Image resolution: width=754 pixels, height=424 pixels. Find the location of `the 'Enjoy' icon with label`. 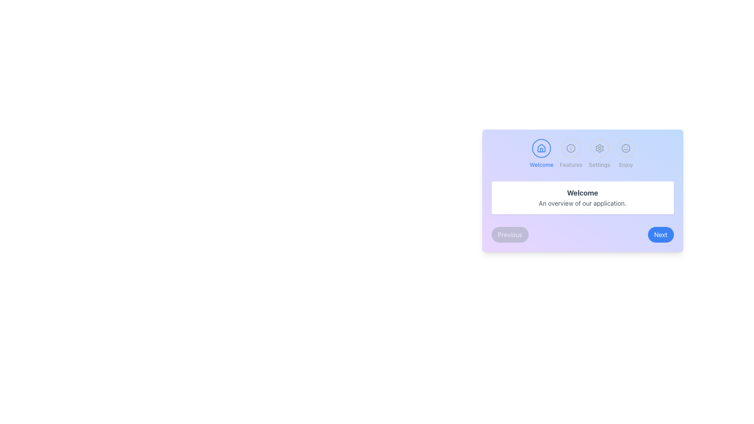

the 'Enjoy' icon with label is located at coordinates (626, 154).